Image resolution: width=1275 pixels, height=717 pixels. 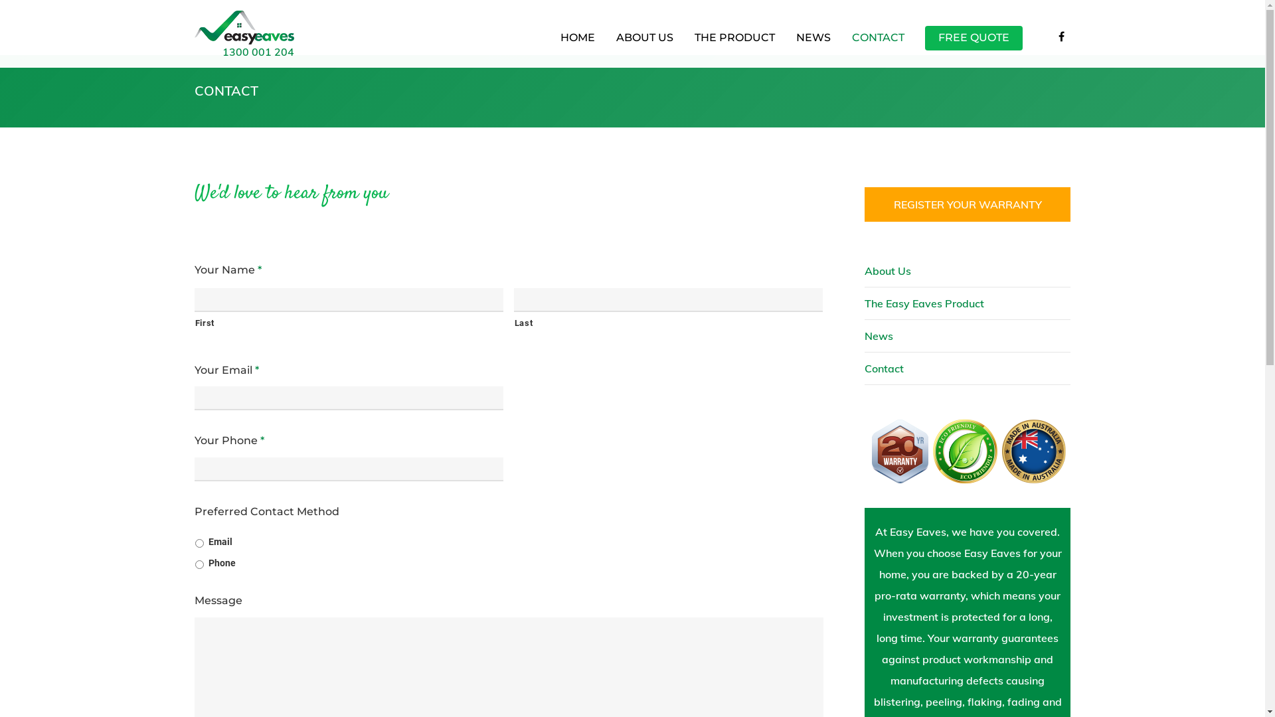 What do you see at coordinates (973, 42) in the screenshot?
I see `'FREE QUOTE'` at bounding box center [973, 42].